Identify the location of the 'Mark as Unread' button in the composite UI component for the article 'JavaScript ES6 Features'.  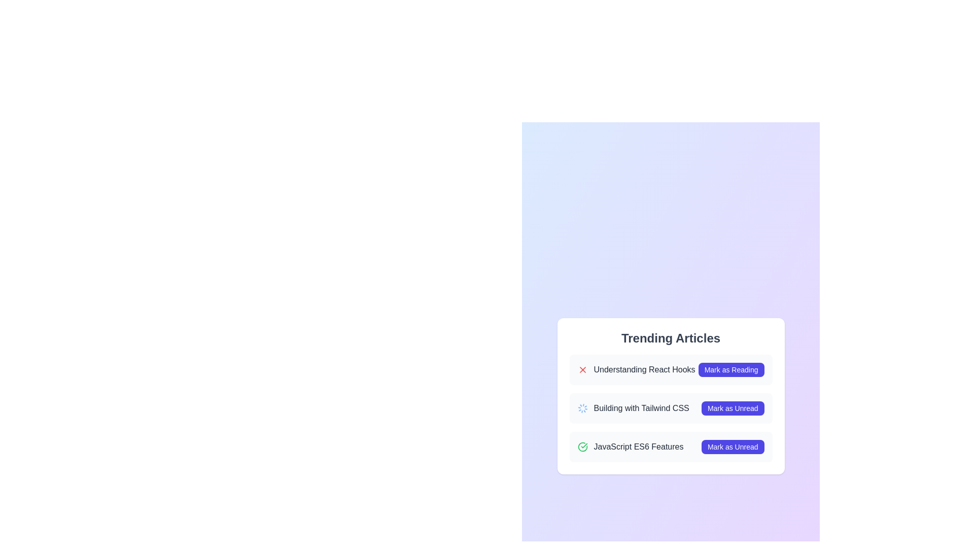
(671, 446).